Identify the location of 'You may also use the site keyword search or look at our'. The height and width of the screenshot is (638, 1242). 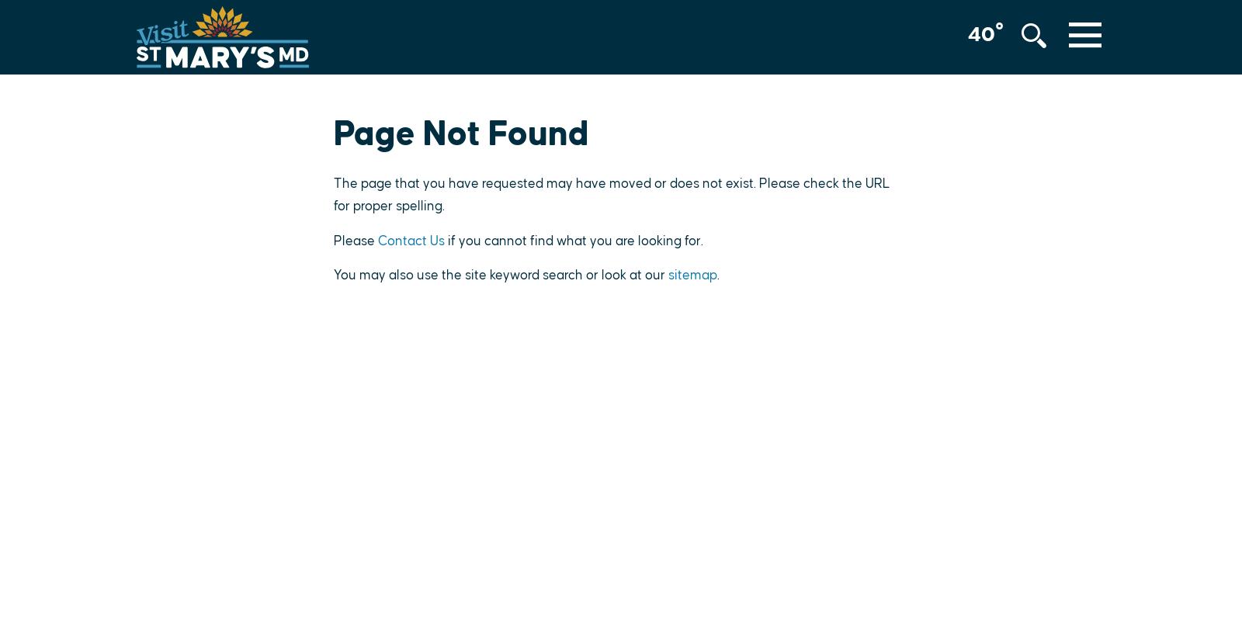
(501, 275).